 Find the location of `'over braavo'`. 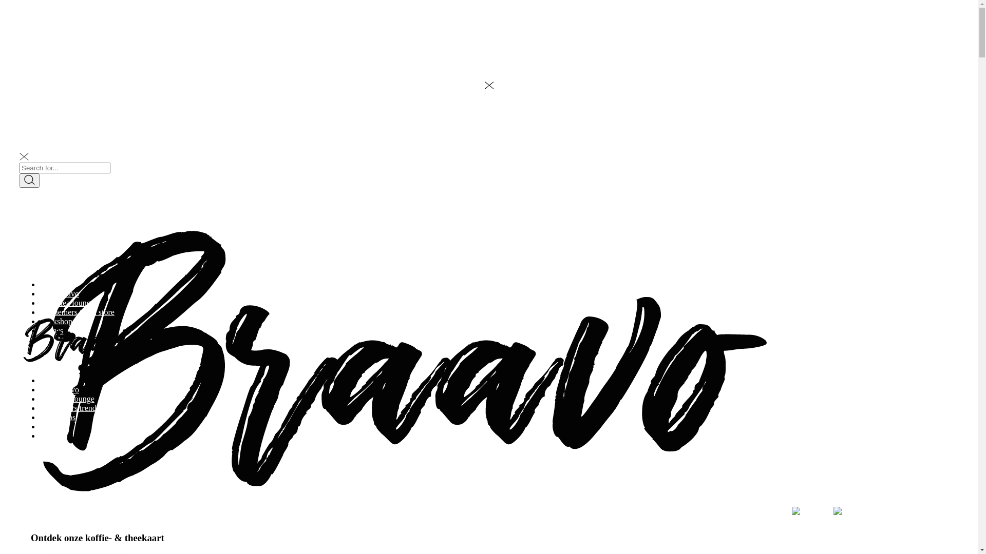

'over braavo' is located at coordinates (59, 293).